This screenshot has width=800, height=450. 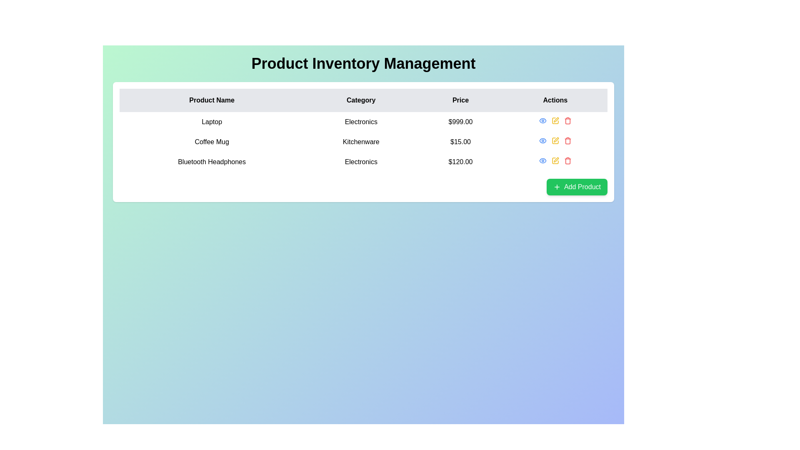 What do you see at coordinates (557, 186) in the screenshot?
I see `the icon located in the lower-right corner of the 'Add Product' button` at bounding box center [557, 186].